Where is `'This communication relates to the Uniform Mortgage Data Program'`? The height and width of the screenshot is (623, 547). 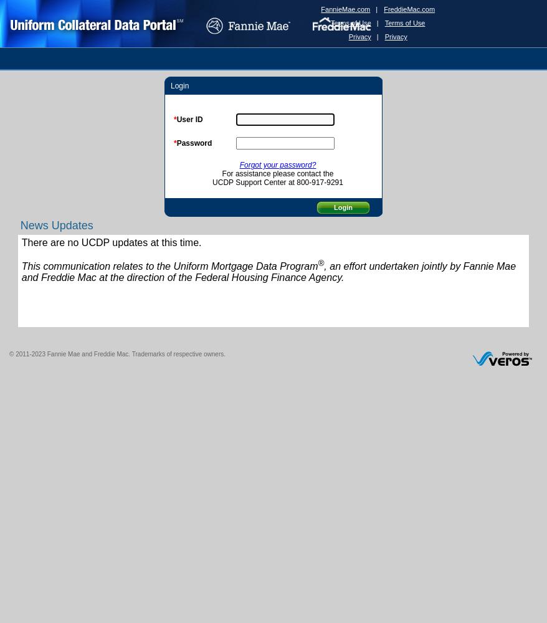
'This communication relates to the Uniform Mortgage Data Program' is located at coordinates (169, 266).